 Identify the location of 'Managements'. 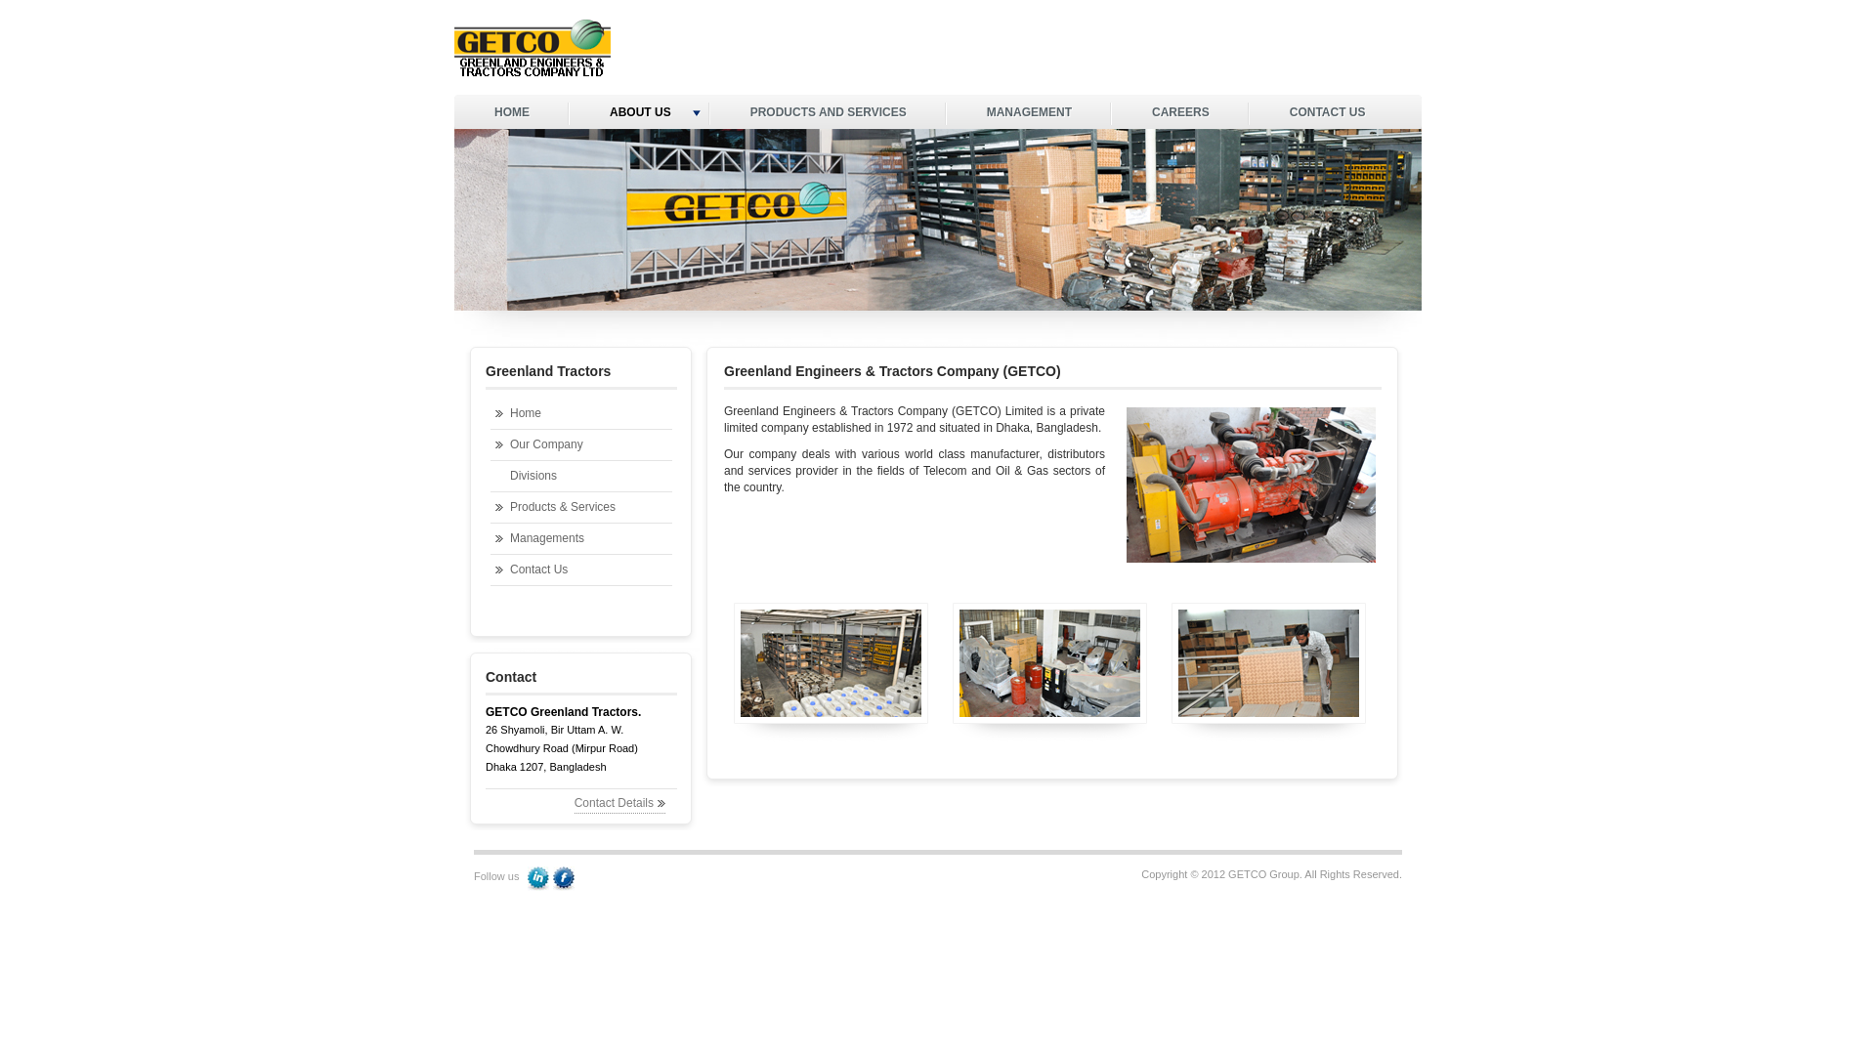
(580, 538).